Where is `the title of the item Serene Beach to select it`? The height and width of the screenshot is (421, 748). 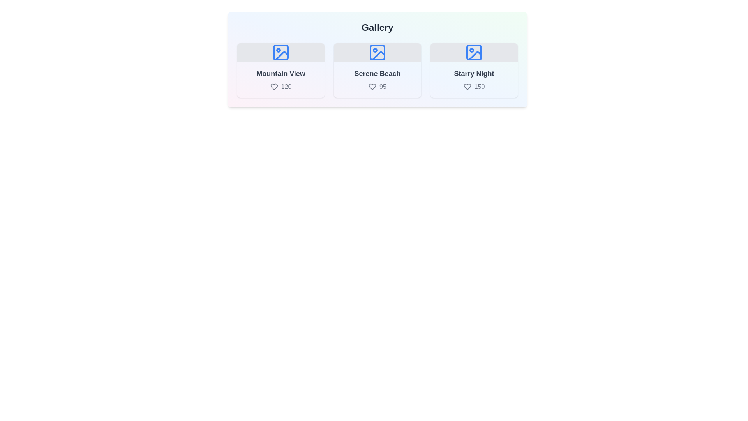 the title of the item Serene Beach to select it is located at coordinates (378, 74).